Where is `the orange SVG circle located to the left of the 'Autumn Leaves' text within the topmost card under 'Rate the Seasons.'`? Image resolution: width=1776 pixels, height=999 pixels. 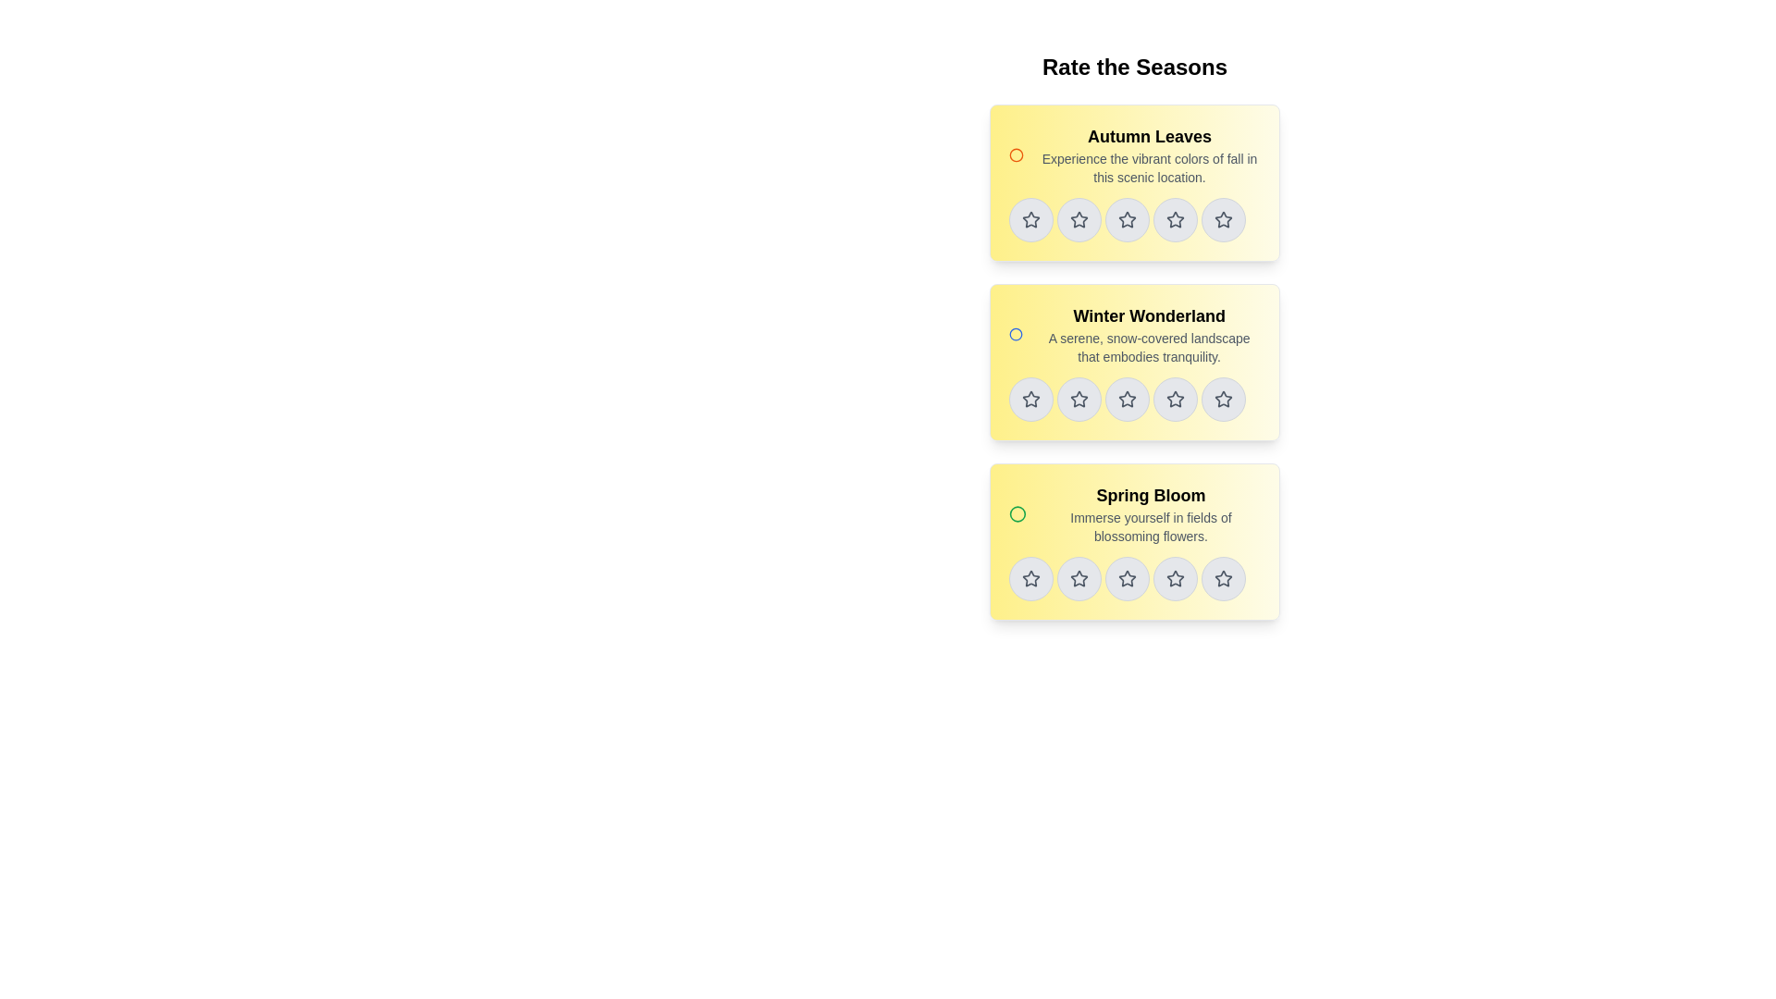 the orange SVG circle located to the left of the 'Autumn Leaves' text within the topmost card under 'Rate the Seasons.' is located at coordinates (1016, 154).